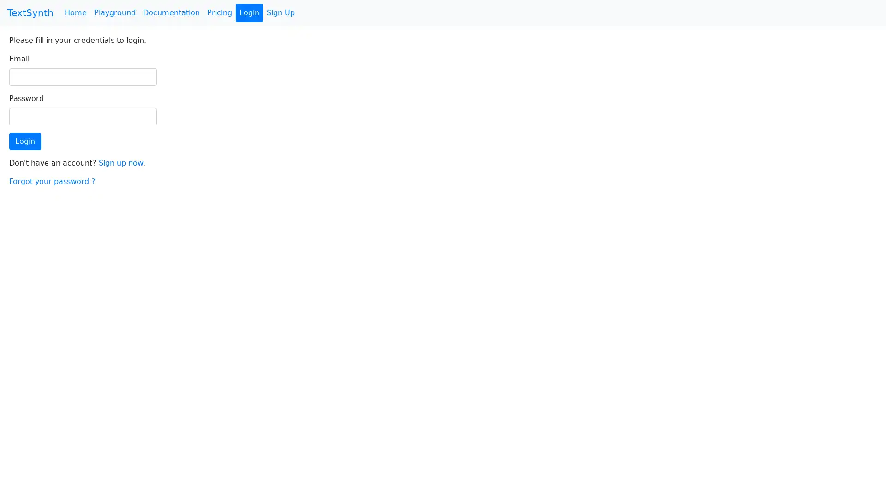 The width and height of the screenshot is (886, 498). I want to click on Login, so click(25, 142).